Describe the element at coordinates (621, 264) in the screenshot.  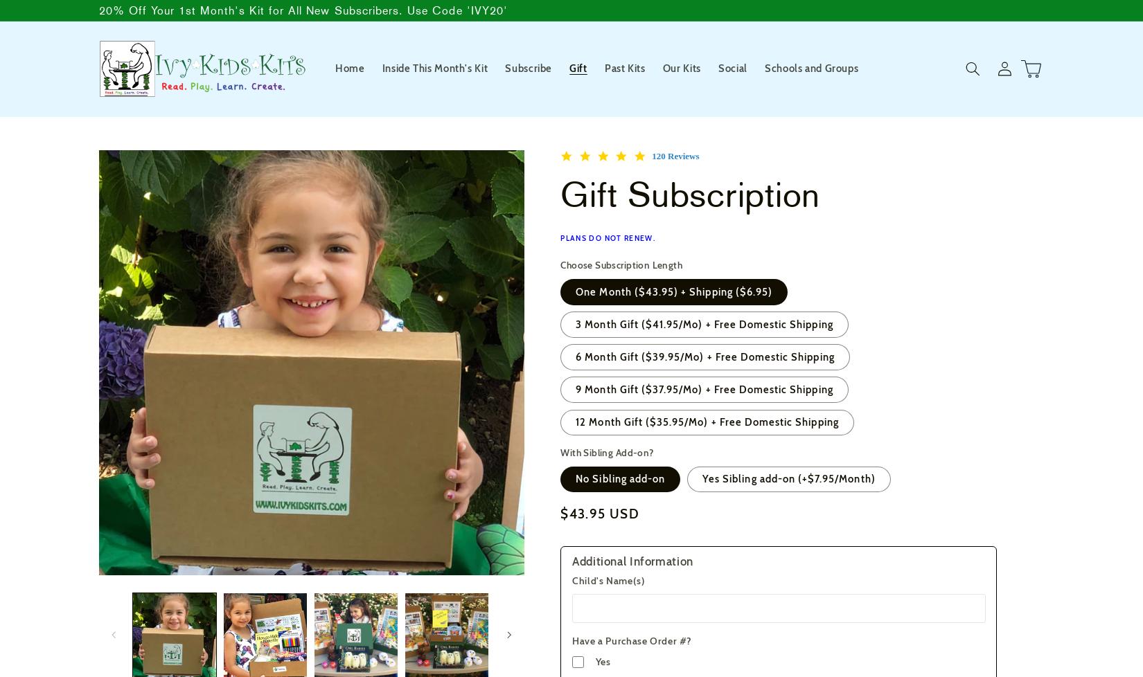
I see `'Choose Subscription Length'` at that location.